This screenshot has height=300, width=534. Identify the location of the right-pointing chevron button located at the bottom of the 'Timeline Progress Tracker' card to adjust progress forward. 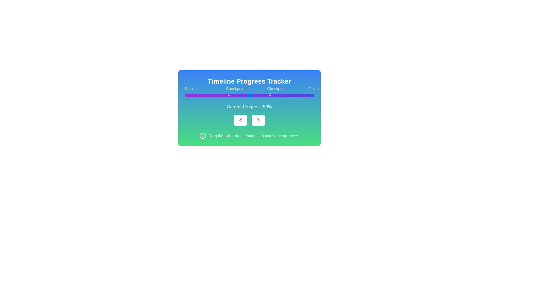
(249, 108).